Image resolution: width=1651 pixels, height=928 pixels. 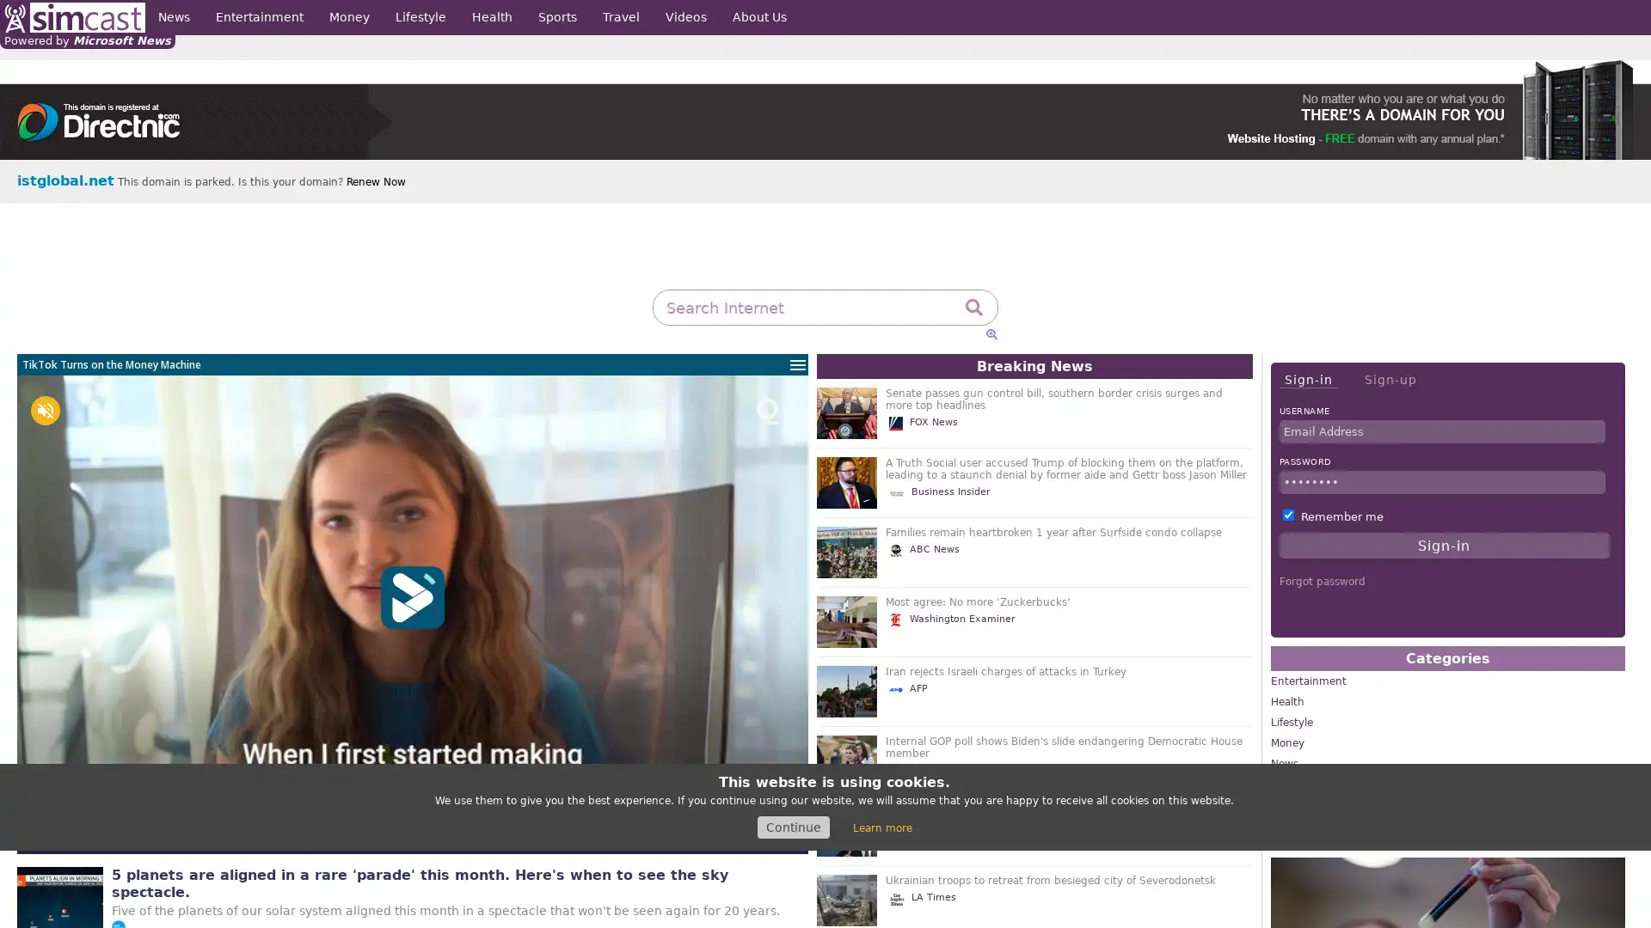 What do you see at coordinates (1390, 379) in the screenshot?
I see `Sign-up` at bounding box center [1390, 379].